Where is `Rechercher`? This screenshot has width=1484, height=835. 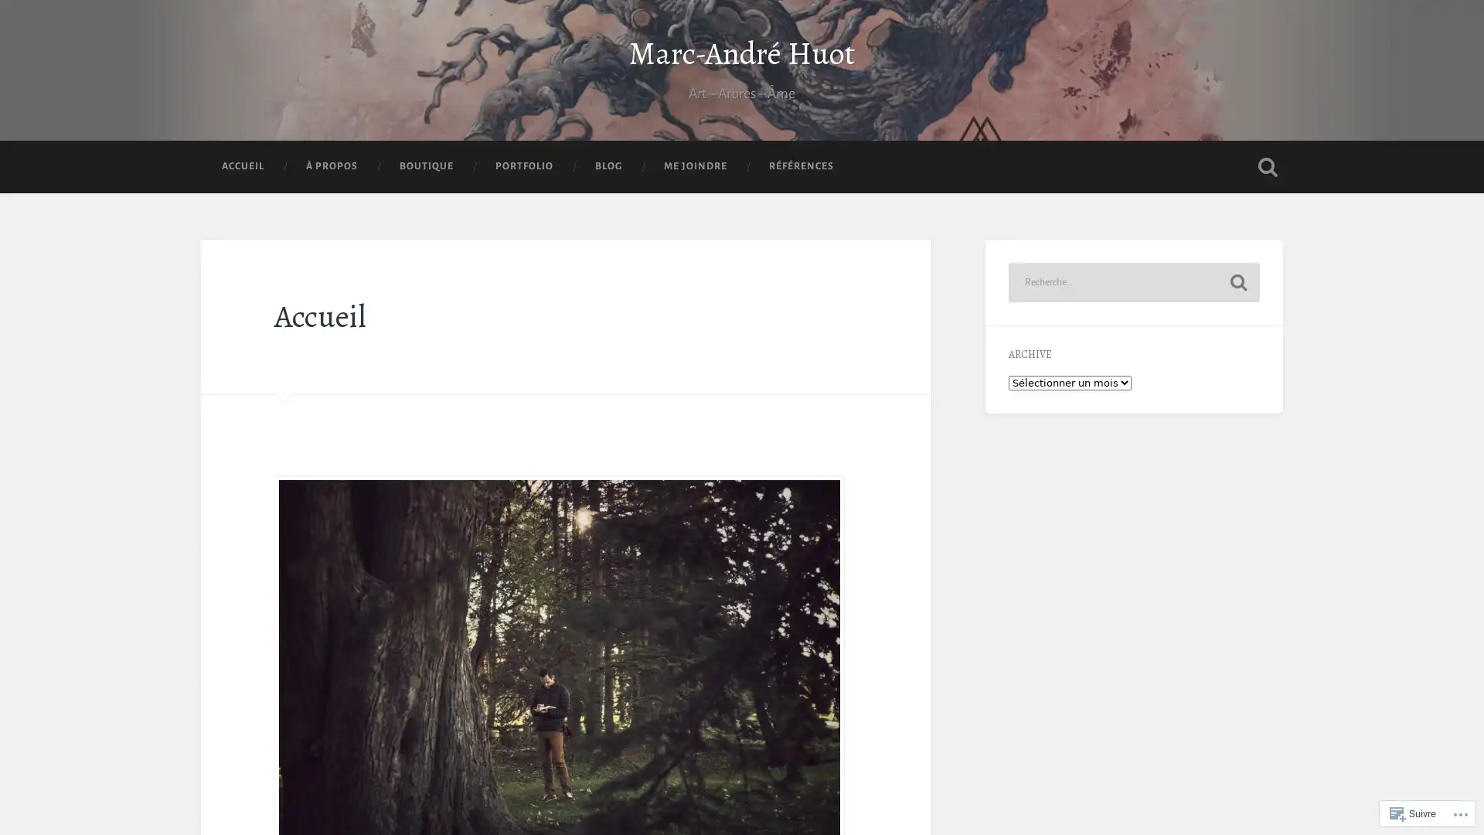 Rechercher is located at coordinates (1238, 313).